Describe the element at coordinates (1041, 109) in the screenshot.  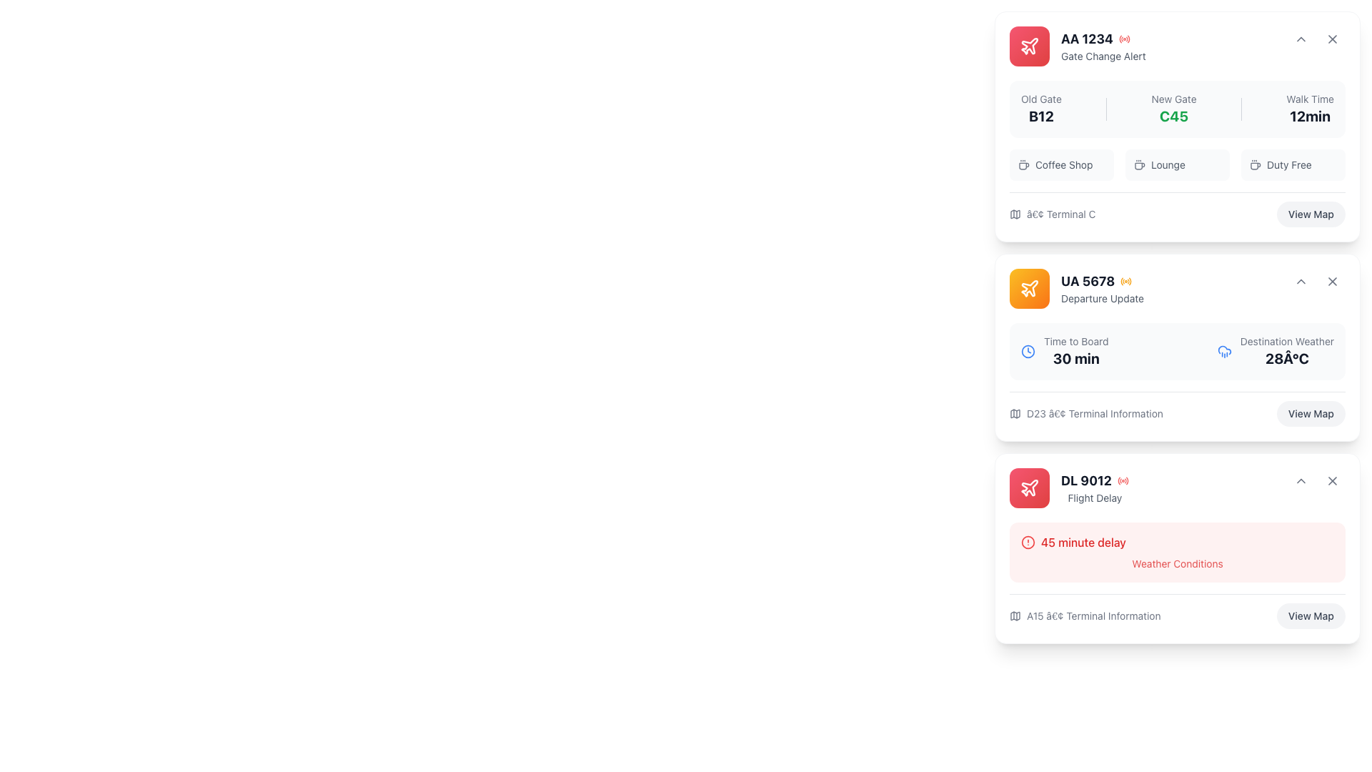
I see `the static text label element that displays 'B12' in bold, located below 'Old Gate' in the notifications panel` at that location.